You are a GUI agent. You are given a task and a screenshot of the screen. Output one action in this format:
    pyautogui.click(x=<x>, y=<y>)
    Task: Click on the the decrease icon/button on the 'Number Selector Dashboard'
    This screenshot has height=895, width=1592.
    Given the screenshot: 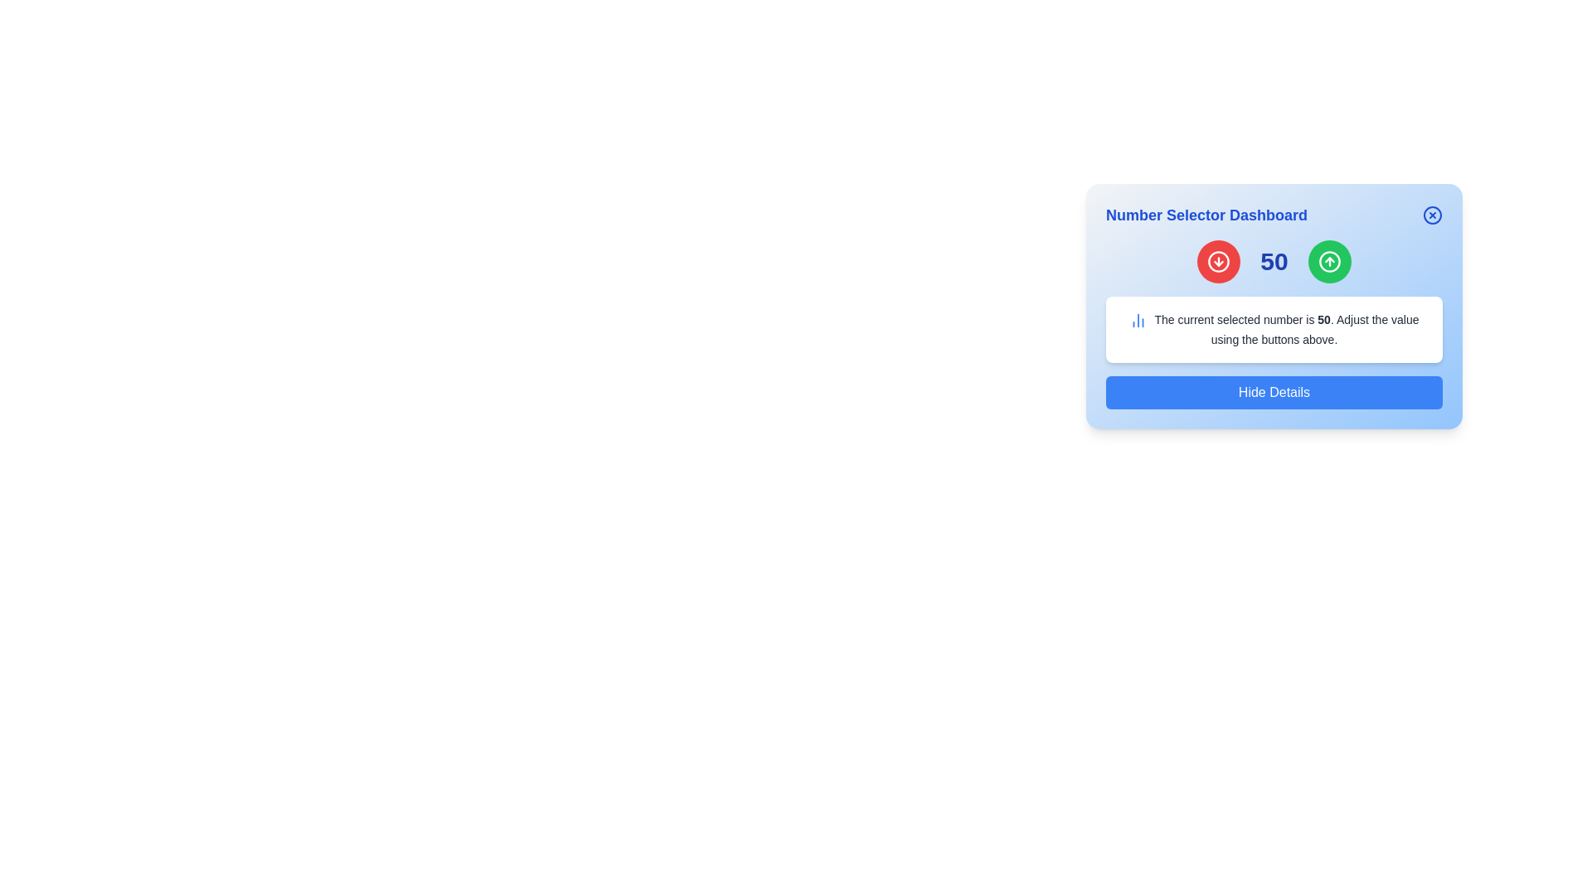 What is the action you would take?
    pyautogui.click(x=1218, y=261)
    